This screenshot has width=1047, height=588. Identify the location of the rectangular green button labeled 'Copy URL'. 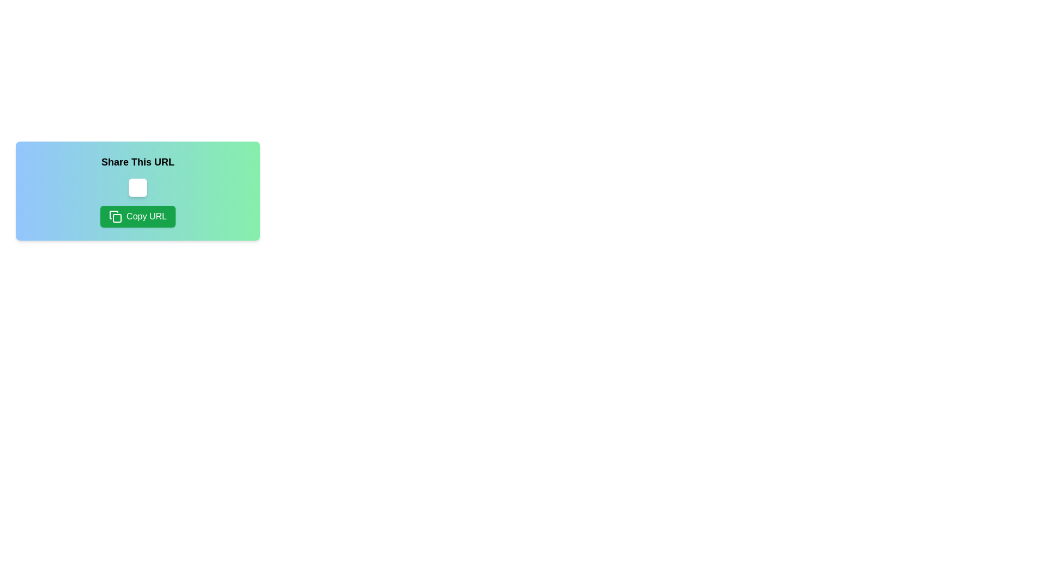
(137, 216).